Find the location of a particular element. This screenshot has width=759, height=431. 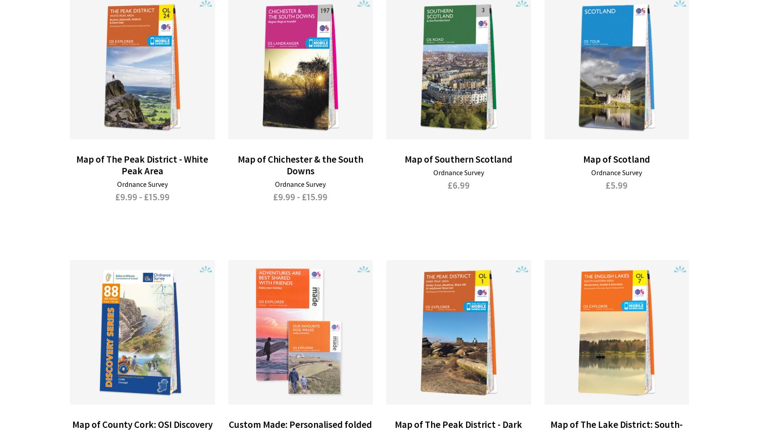

'See all brands' is located at coordinates (274, 355).